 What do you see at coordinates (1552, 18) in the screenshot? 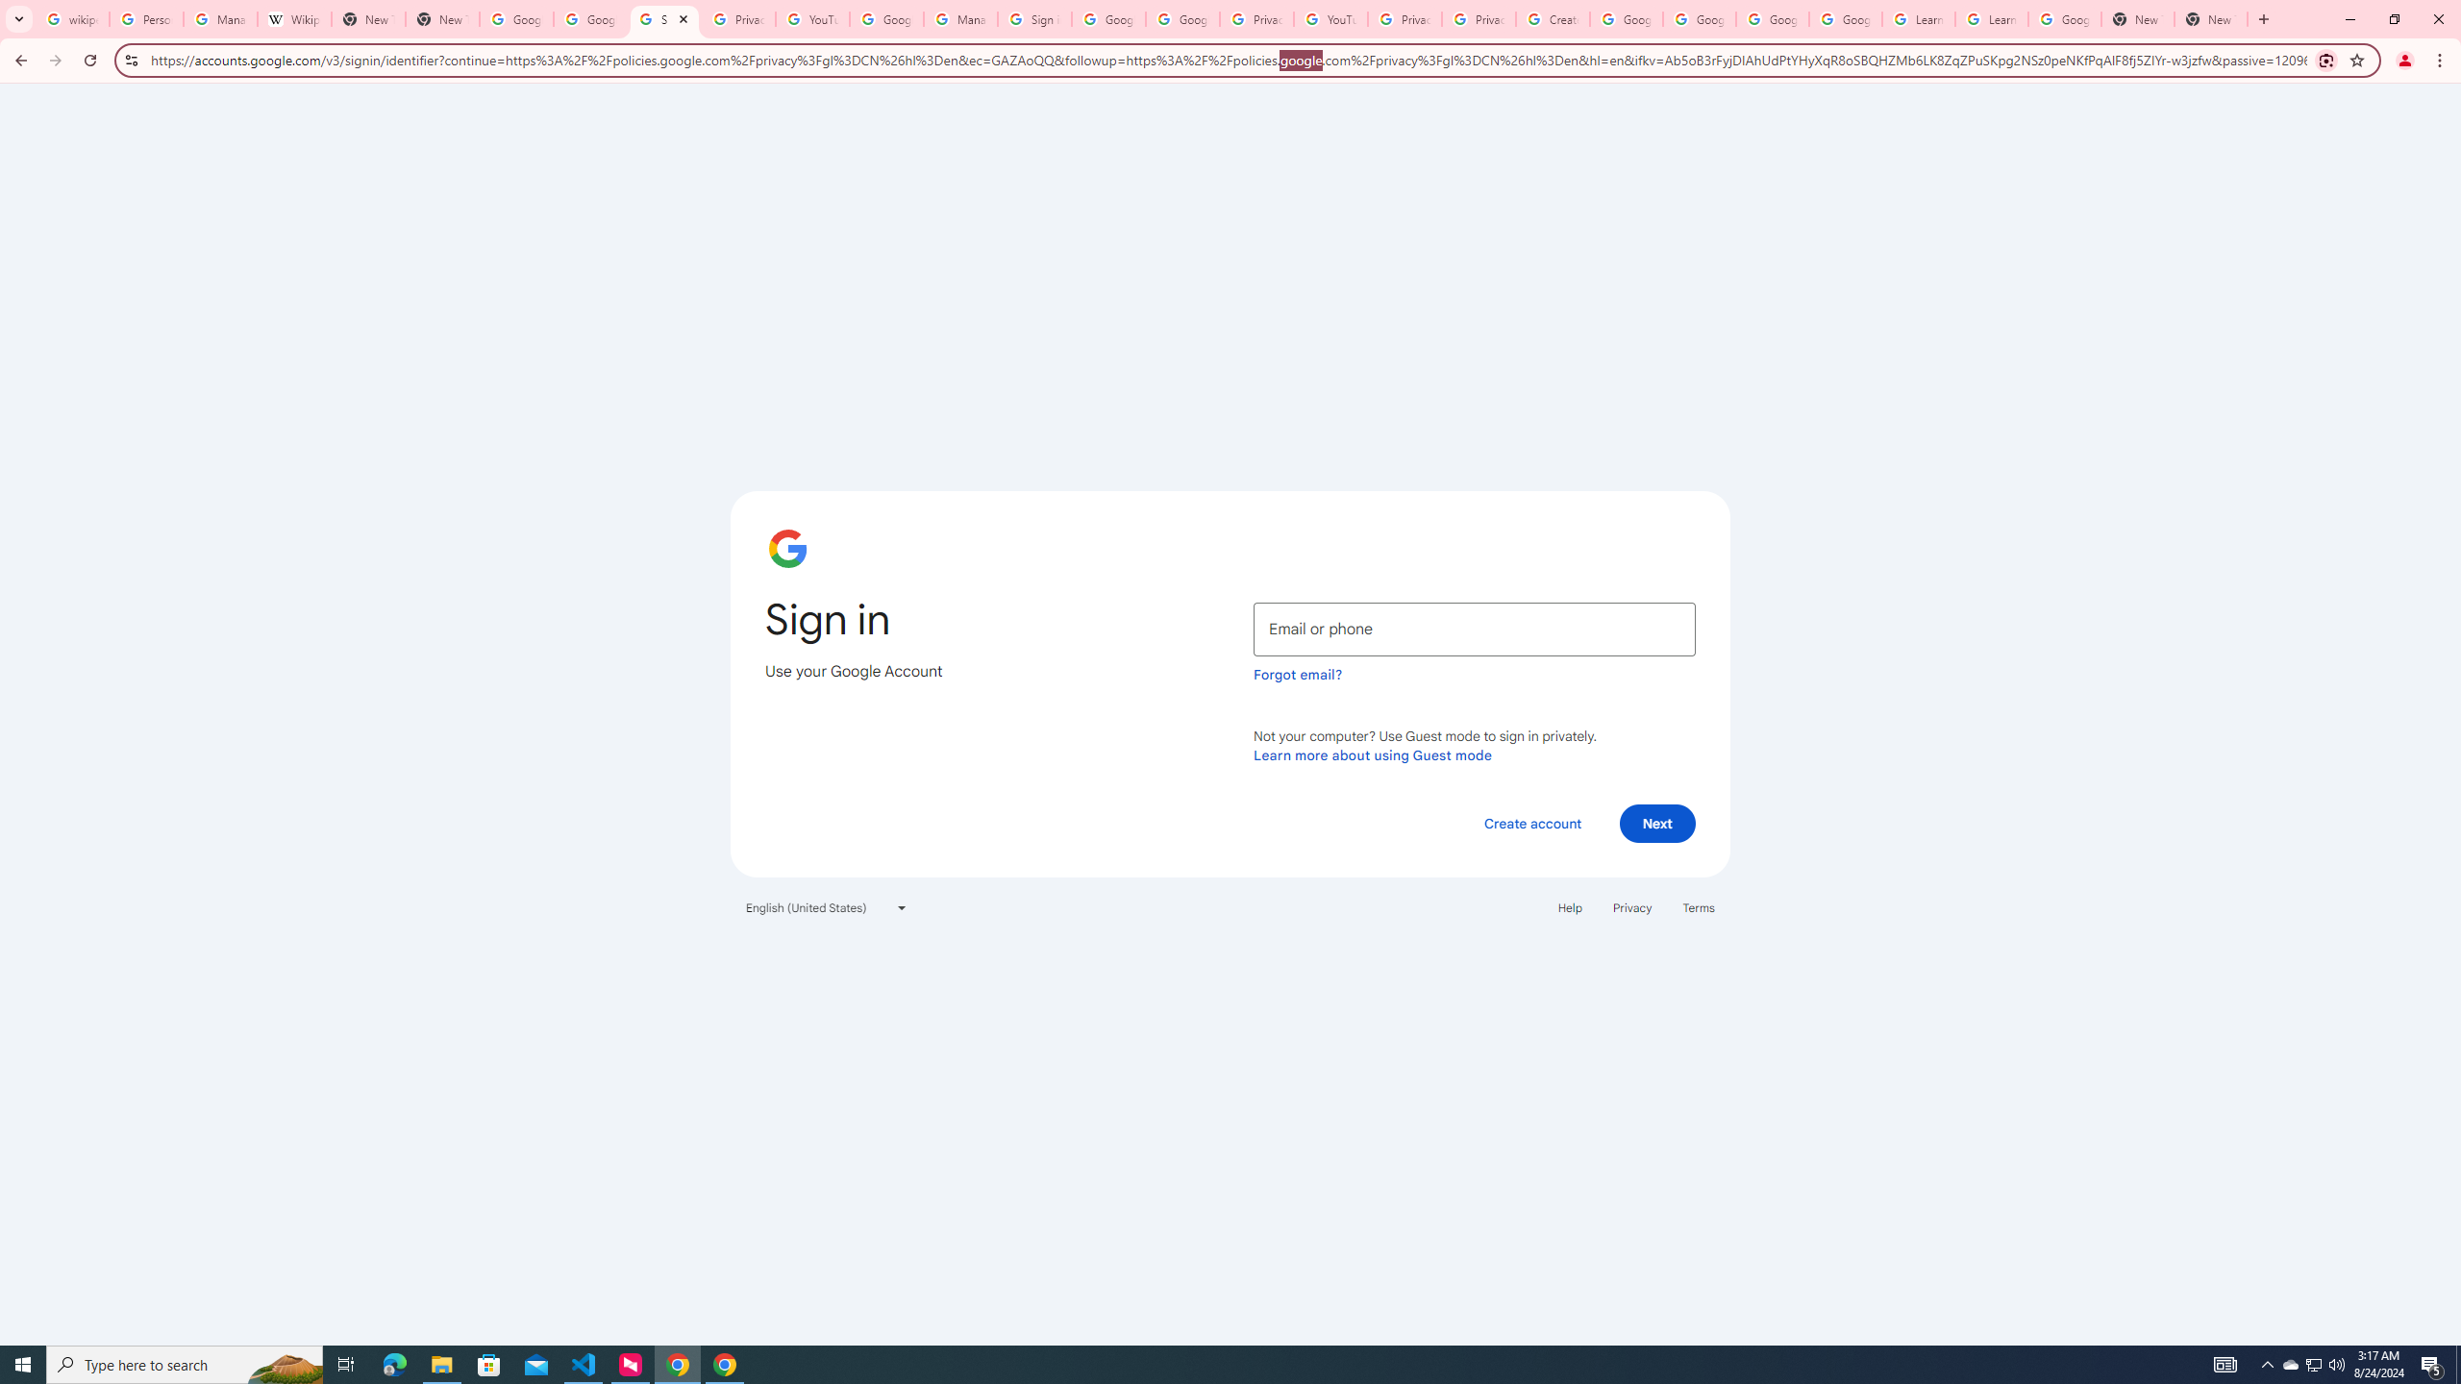
I see `'Create your Google Account'` at bounding box center [1552, 18].